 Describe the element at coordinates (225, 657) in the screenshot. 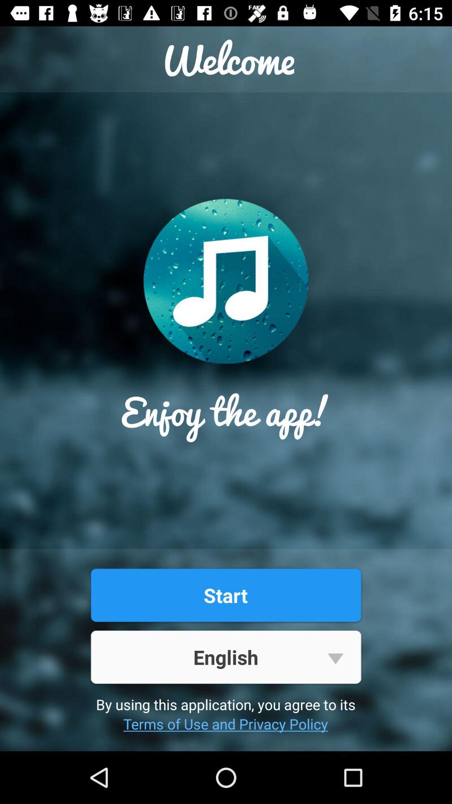

I see `the english item` at that location.